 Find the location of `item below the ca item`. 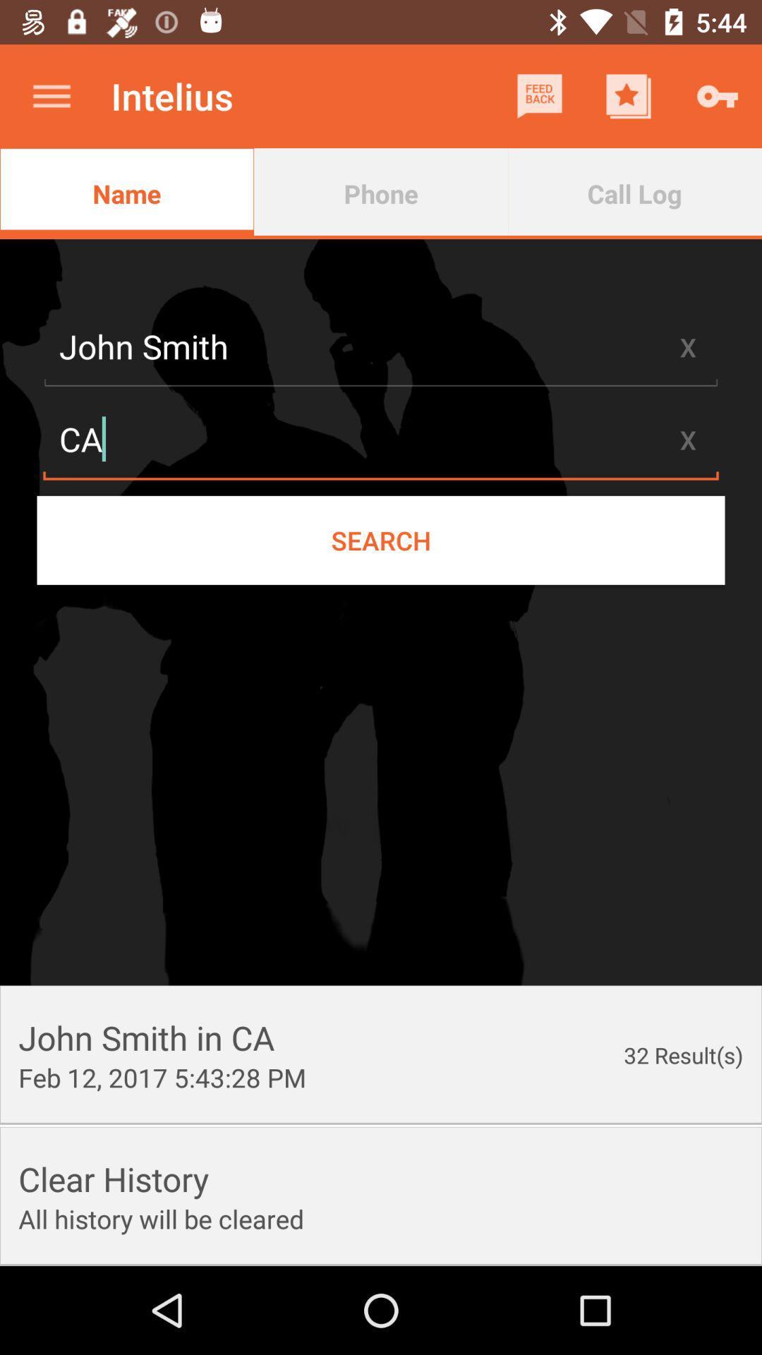

item below the ca item is located at coordinates (381, 539).